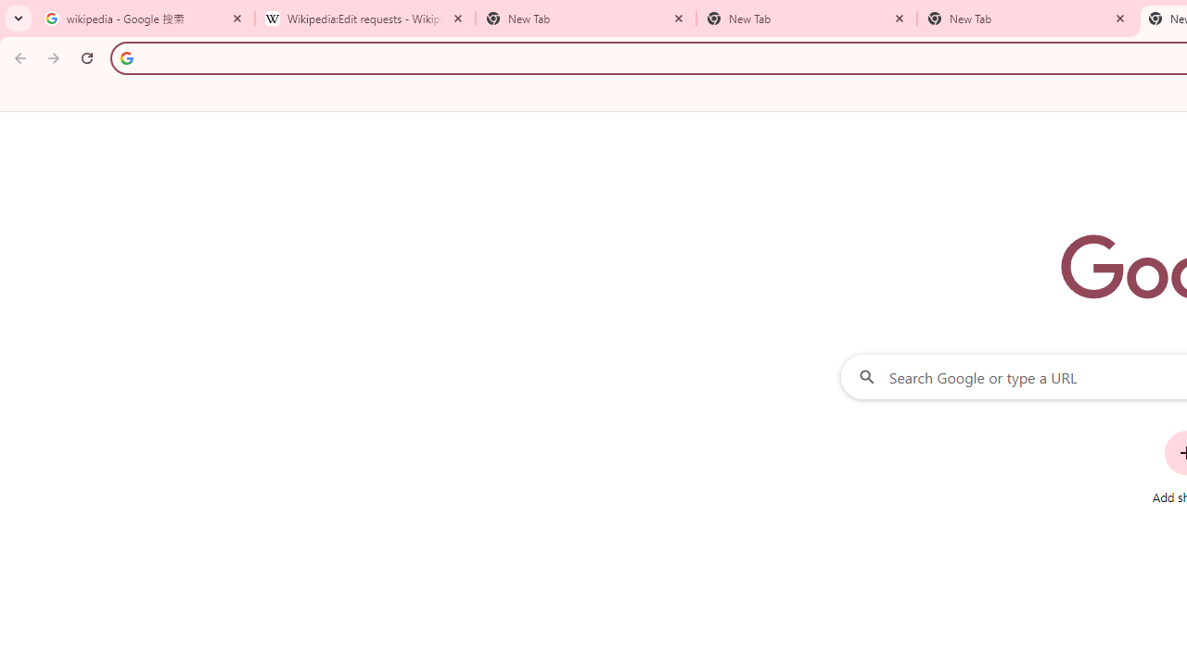 Image resolution: width=1187 pixels, height=667 pixels. I want to click on 'System', so click(9, 10).